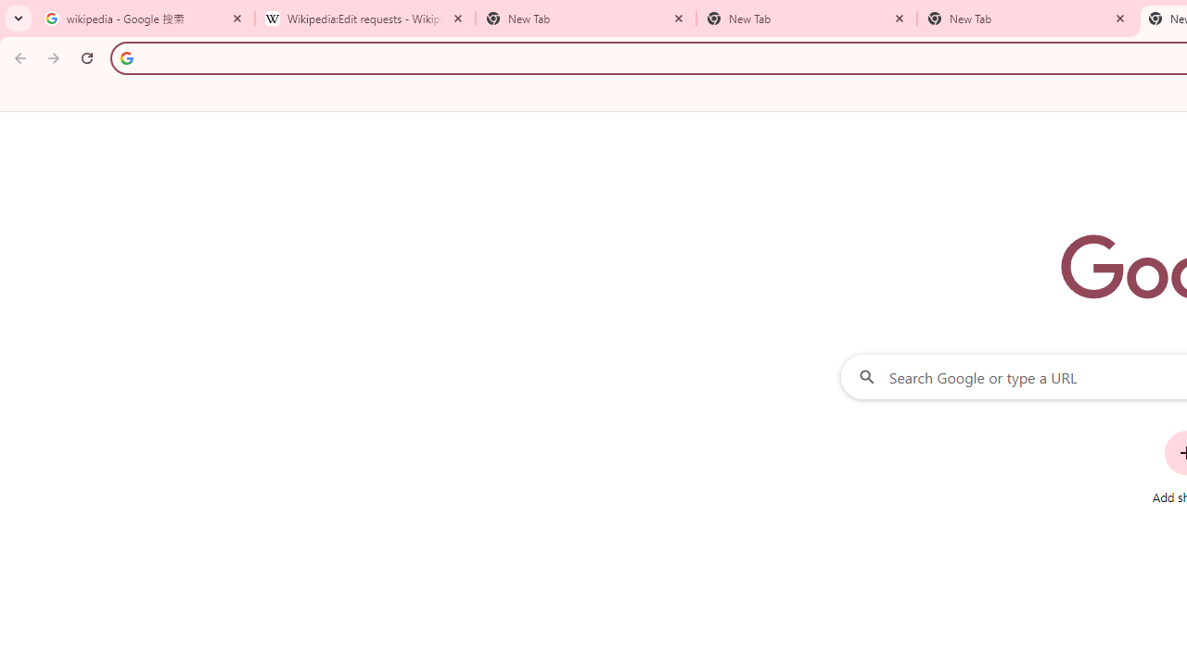 Image resolution: width=1187 pixels, height=667 pixels. I want to click on 'System', so click(9, 10).